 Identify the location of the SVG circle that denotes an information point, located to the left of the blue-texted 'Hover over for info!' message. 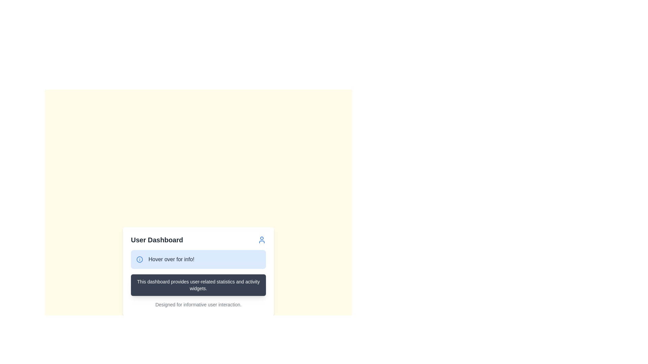
(139, 259).